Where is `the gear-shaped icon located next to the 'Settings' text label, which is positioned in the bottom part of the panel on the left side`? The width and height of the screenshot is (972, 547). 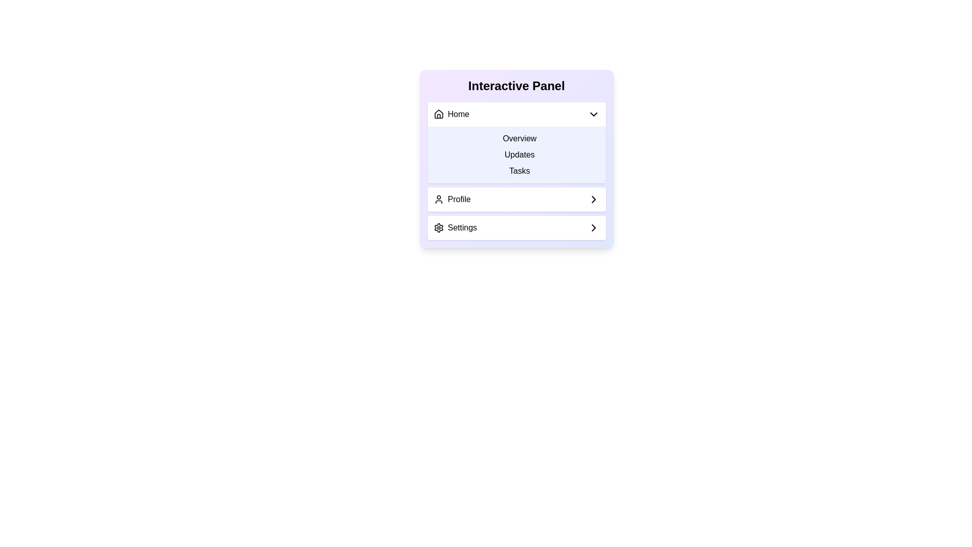
the gear-shaped icon located next to the 'Settings' text label, which is positioned in the bottom part of the panel on the left side is located at coordinates (438, 228).